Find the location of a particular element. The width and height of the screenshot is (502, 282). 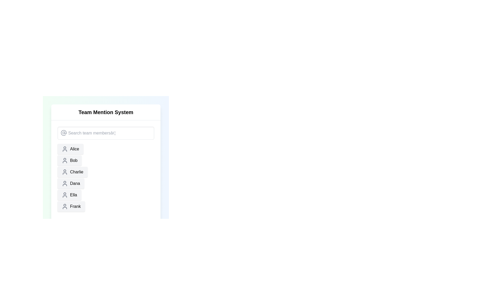

the interactive button for 'Alice', which is the first item in the list of team members is located at coordinates (70, 149).